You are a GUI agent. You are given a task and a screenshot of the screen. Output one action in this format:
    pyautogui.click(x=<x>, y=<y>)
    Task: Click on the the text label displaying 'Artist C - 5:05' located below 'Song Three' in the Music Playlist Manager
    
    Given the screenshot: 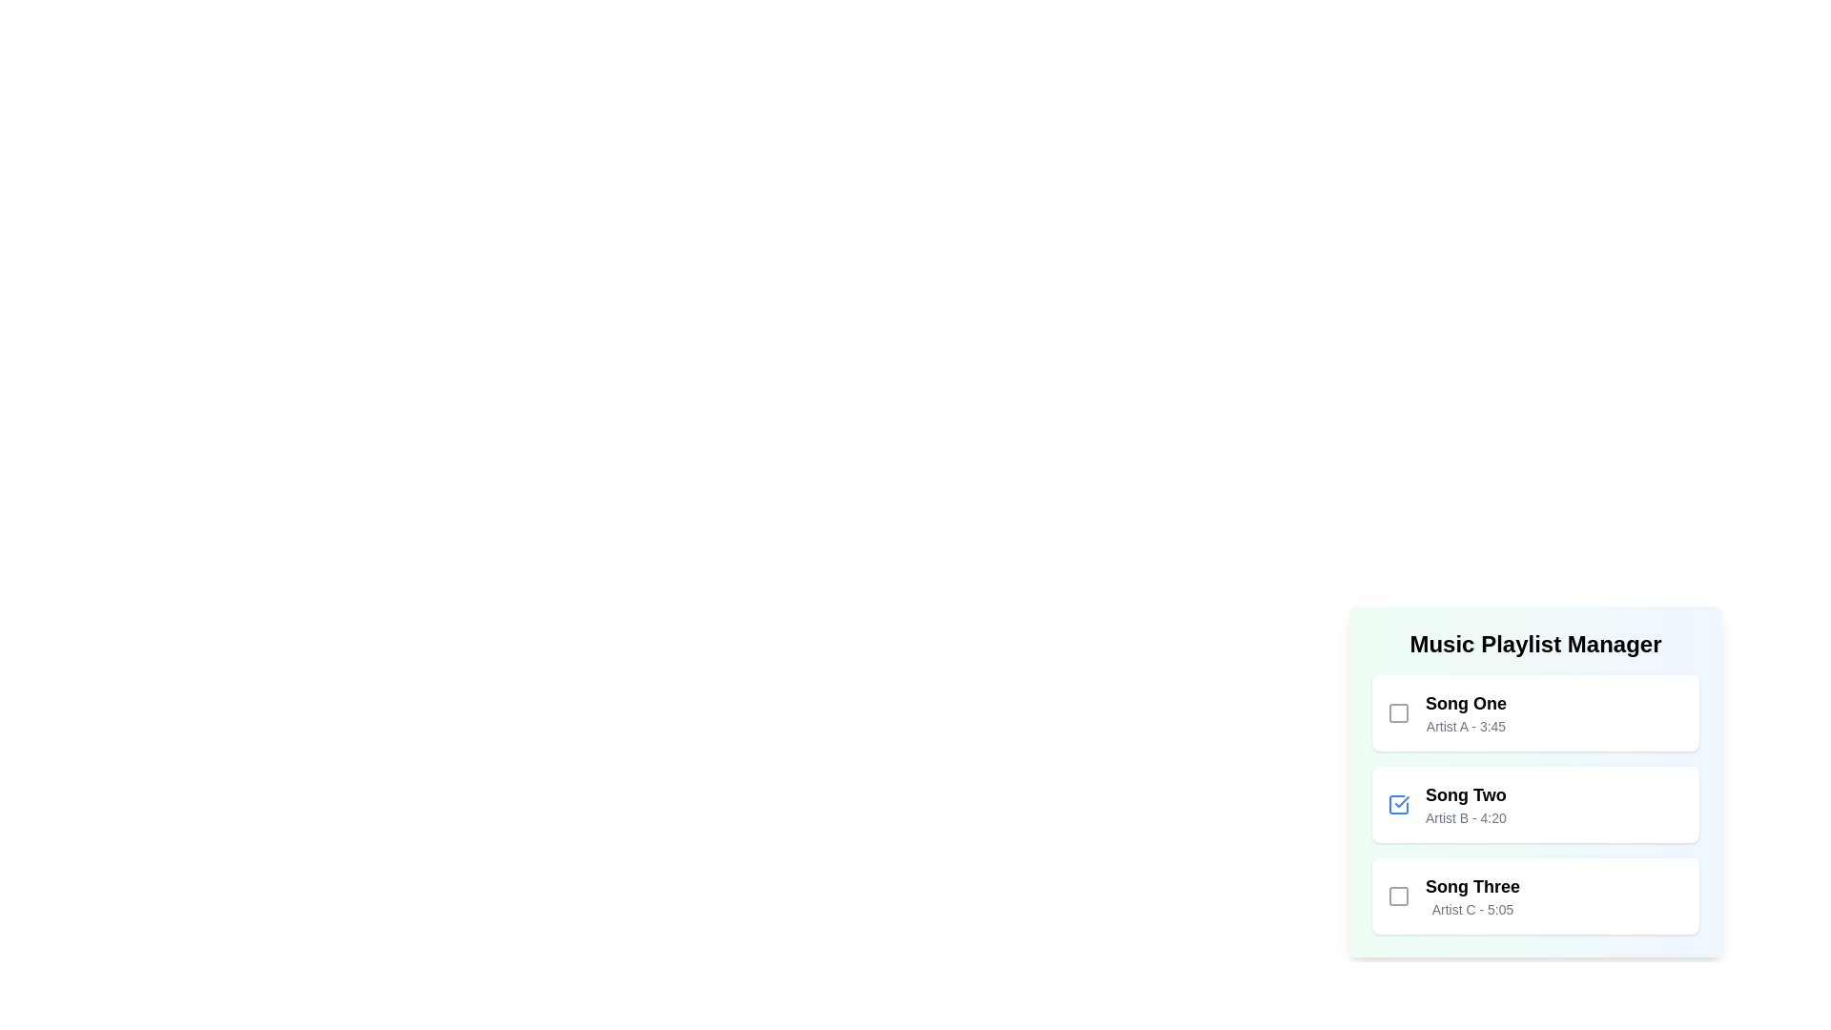 What is the action you would take?
    pyautogui.click(x=1471, y=908)
    